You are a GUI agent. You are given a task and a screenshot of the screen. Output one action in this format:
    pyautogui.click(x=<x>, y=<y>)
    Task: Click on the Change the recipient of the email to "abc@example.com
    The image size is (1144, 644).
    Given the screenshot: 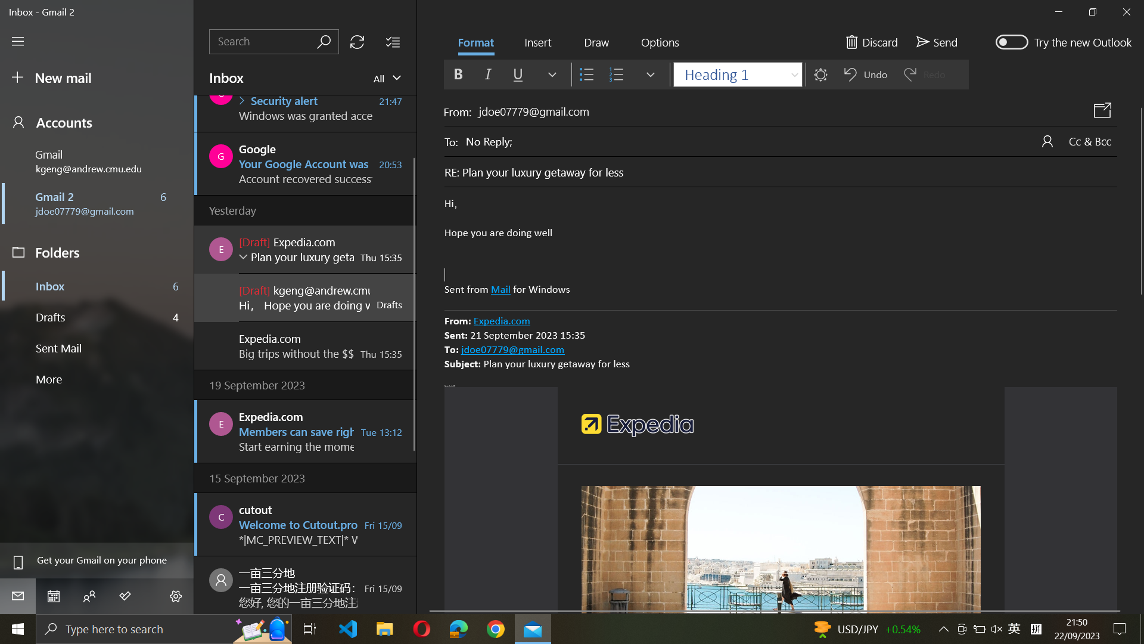 What is the action you would take?
    pyautogui.click(x=791, y=140)
    